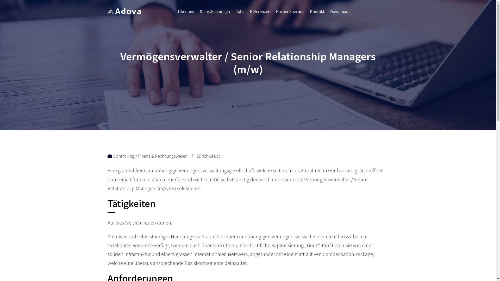 This screenshot has height=281, width=500. Describe the element at coordinates (276, 13) in the screenshot. I see `'Karriere bei uns'` at that location.